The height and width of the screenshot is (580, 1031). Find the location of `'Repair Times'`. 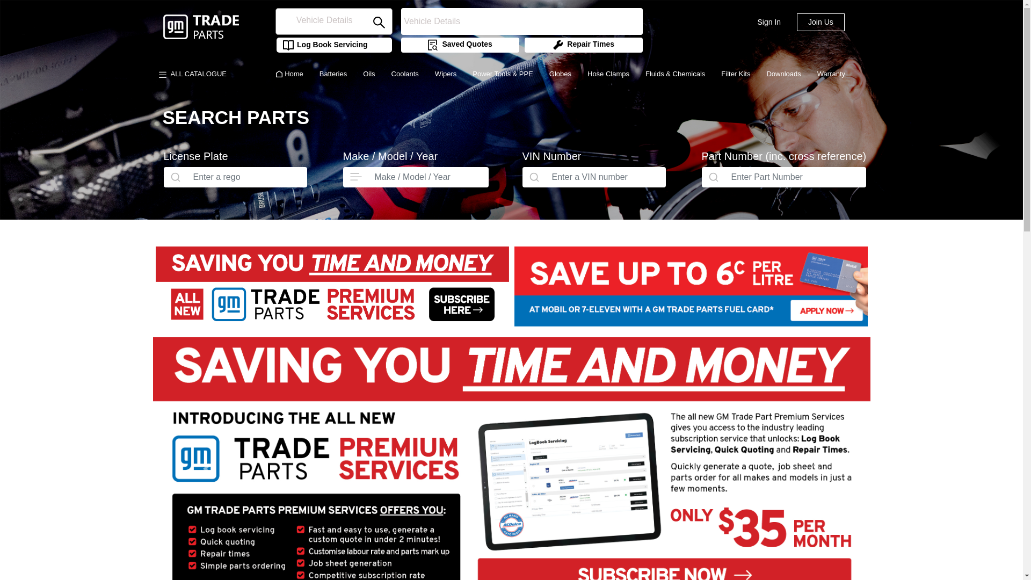

'Repair Times' is located at coordinates (582, 45).